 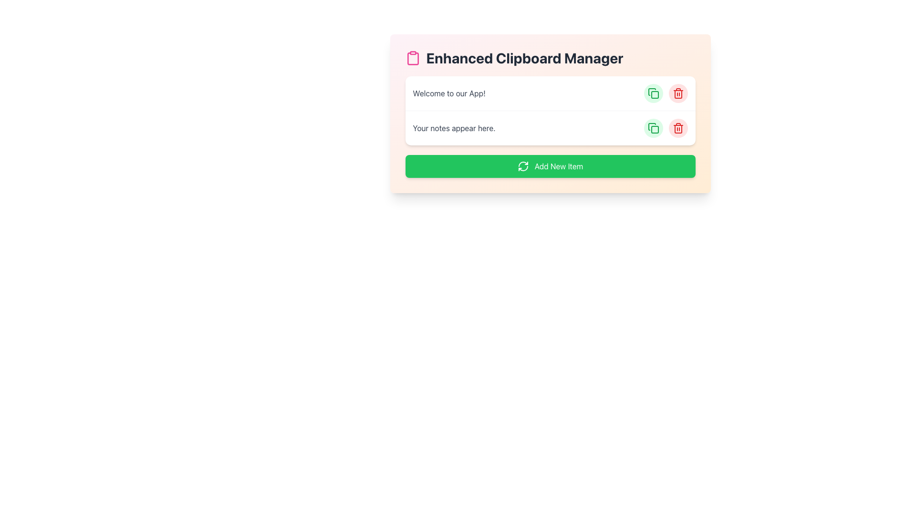 I want to click on the decorative square of the copy icon, which is the second icon in the row of action buttons to the right of the text content, colored green, so click(x=654, y=130).